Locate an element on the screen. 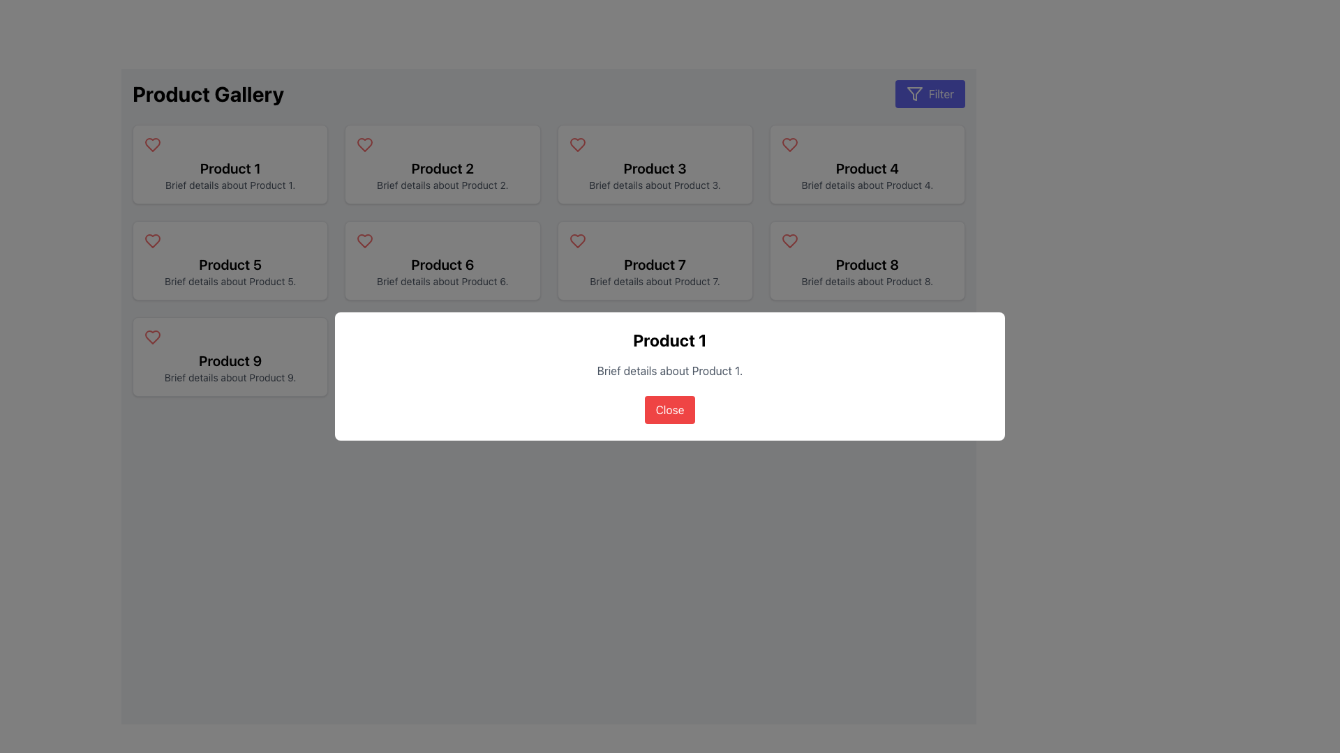  the text label 'Product 8' located in the rightmost column, third row of the 'Product Gallery' section, which is styled with a large font size and bold weight is located at coordinates (866, 265).